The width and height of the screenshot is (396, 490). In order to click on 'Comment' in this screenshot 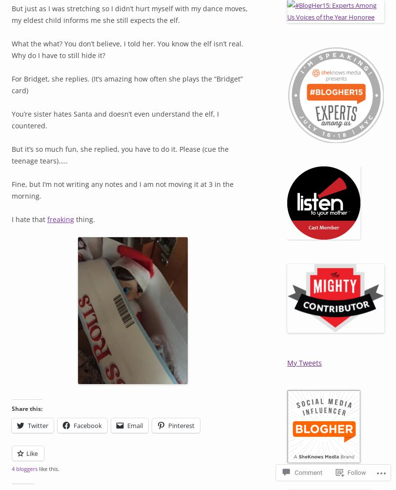, I will do `click(308, 472)`.